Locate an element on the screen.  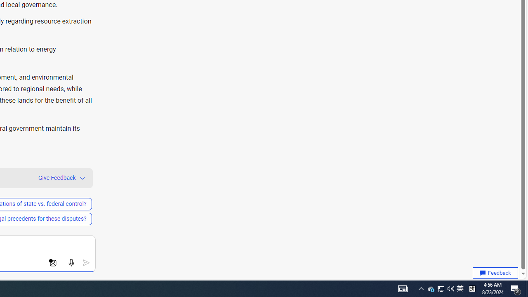
'Submit' is located at coordinates (86, 263).